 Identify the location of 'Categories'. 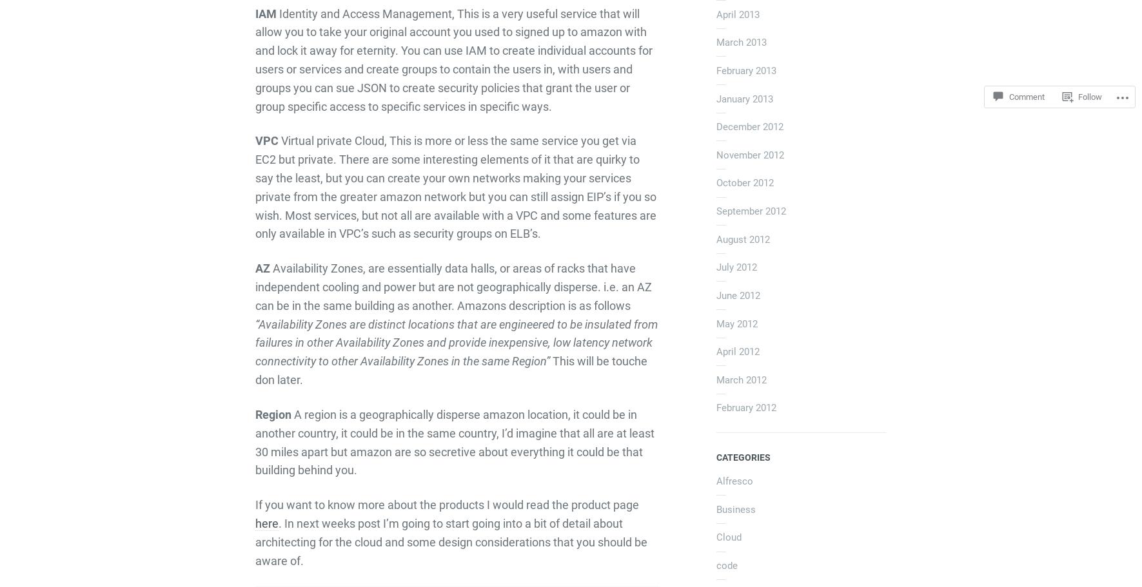
(743, 457).